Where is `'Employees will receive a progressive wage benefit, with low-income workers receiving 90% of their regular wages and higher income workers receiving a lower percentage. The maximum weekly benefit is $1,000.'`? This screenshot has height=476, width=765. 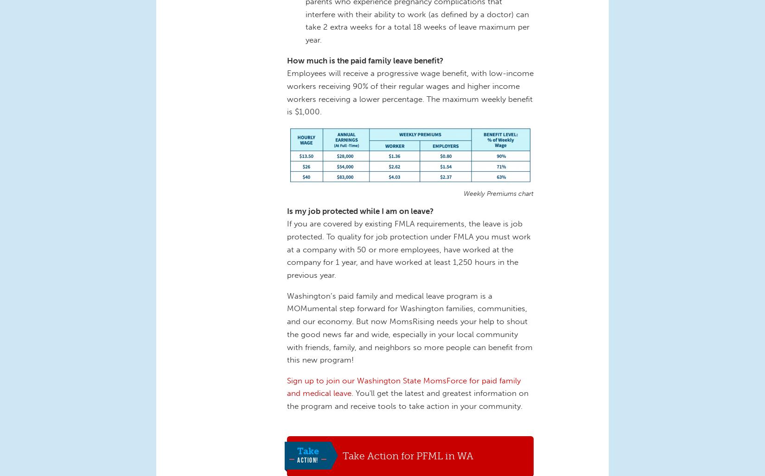
'Employees will receive a progressive wage benefit, with low-income workers receiving 90% of their regular wages and higher income workers receiving a lower percentage. The maximum weekly benefit is $1,000.' is located at coordinates (410, 92).